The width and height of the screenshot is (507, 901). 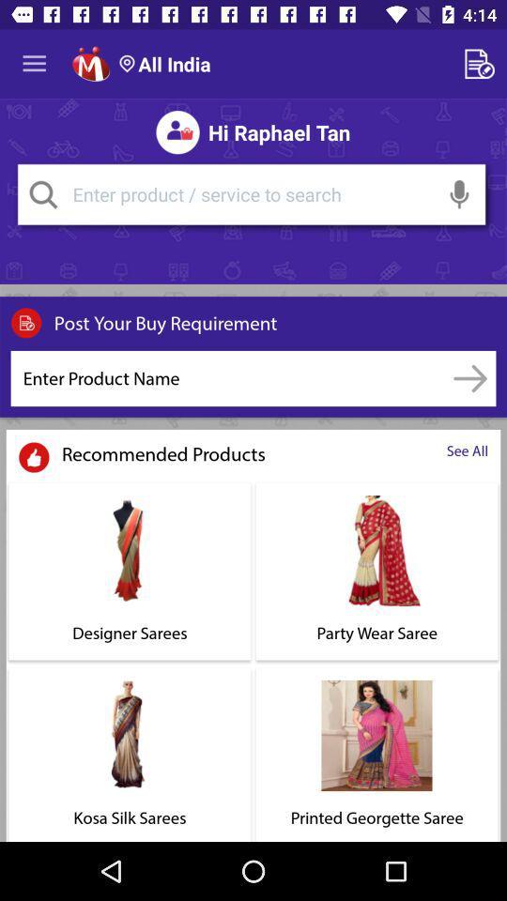 What do you see at coordinates (228, 377) in the screenshot?
I see `the box which is below the post your buy requirement` at bounding box center [228, 377].